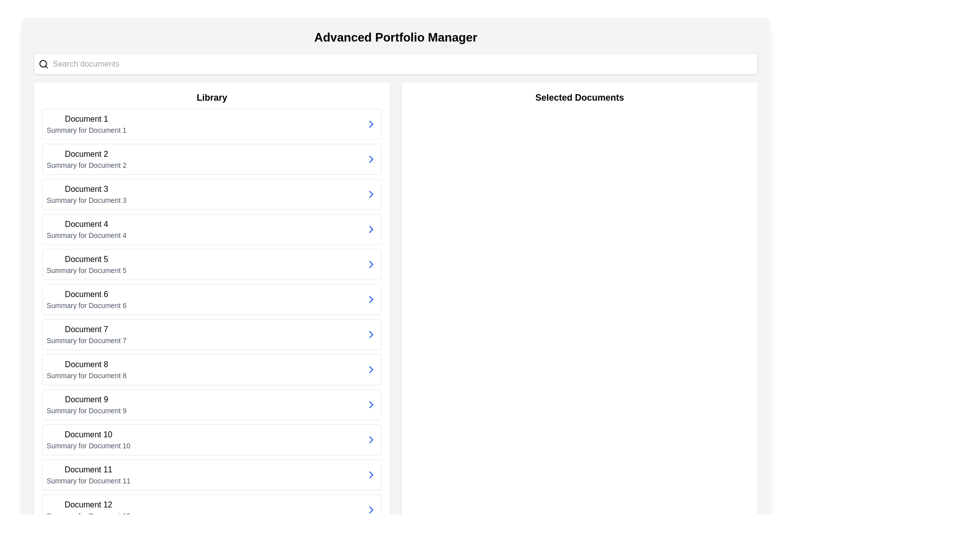 The height and width of the screenshot is (541, 962). I want to click on the text display for 'Document 8', which is the eighth list item in the Library section, so click(86, 369).